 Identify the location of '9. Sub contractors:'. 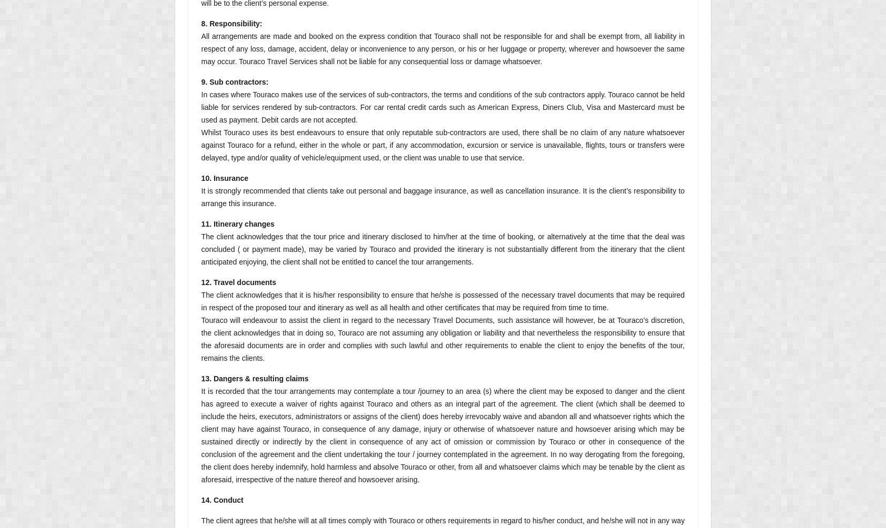
(234, 82).